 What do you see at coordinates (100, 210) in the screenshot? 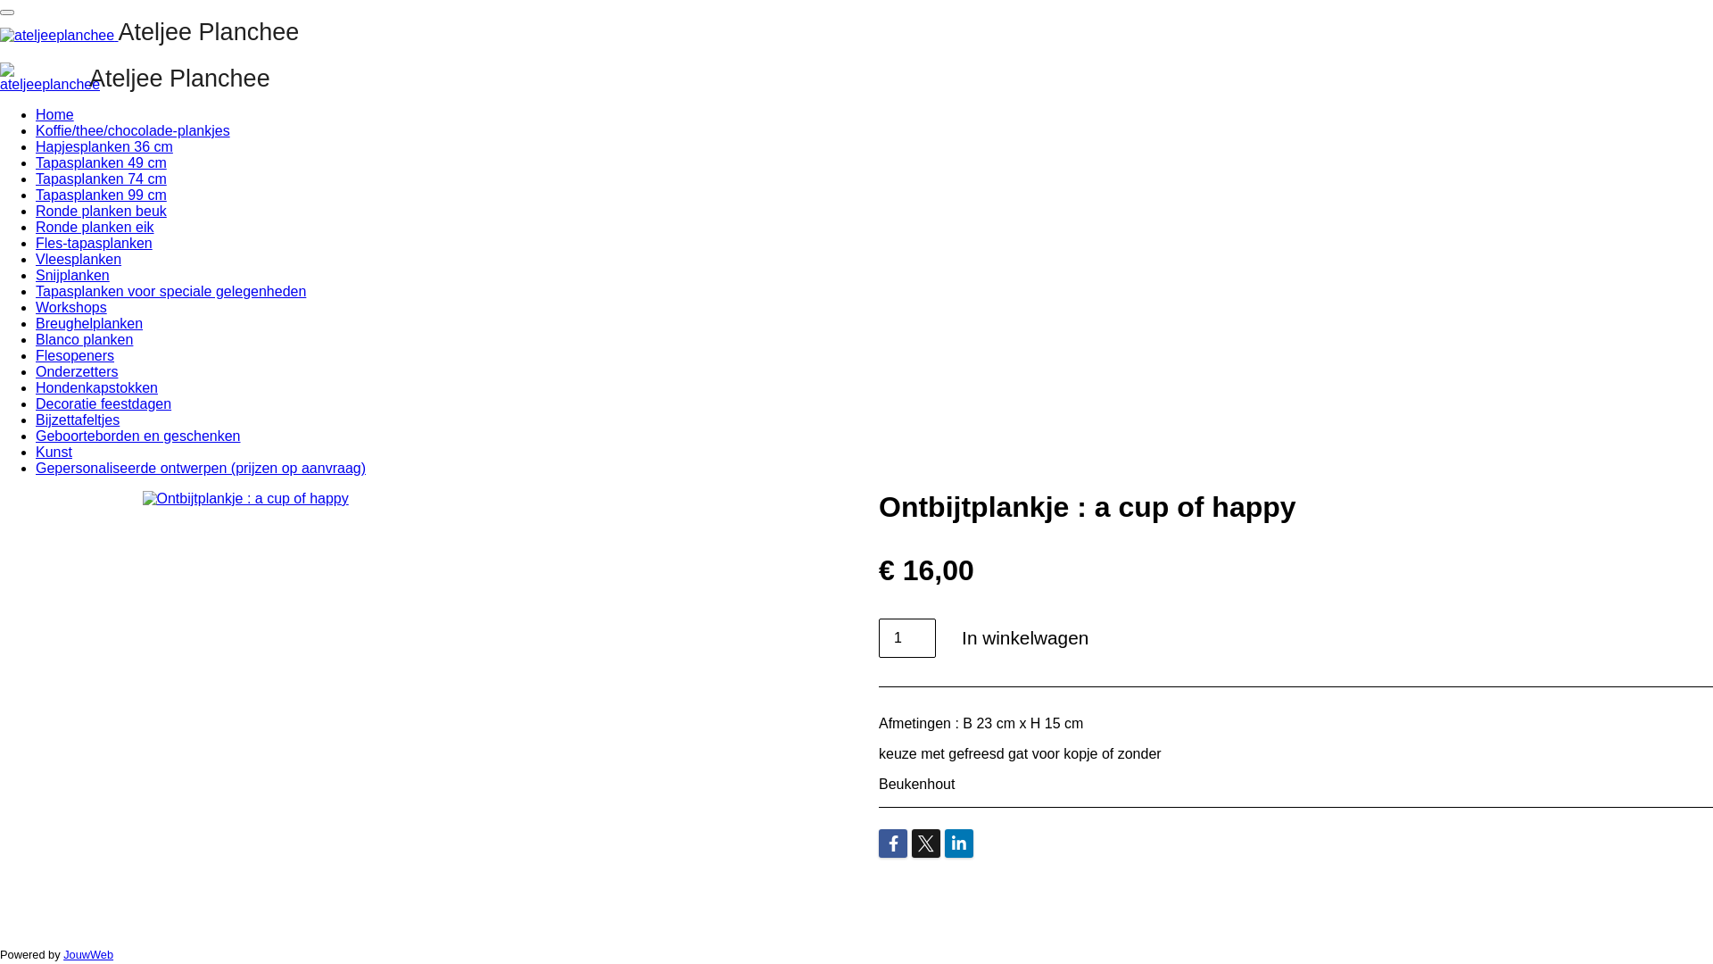
I see `'Ronde planken beuk'` at bounding box center [100, 210].